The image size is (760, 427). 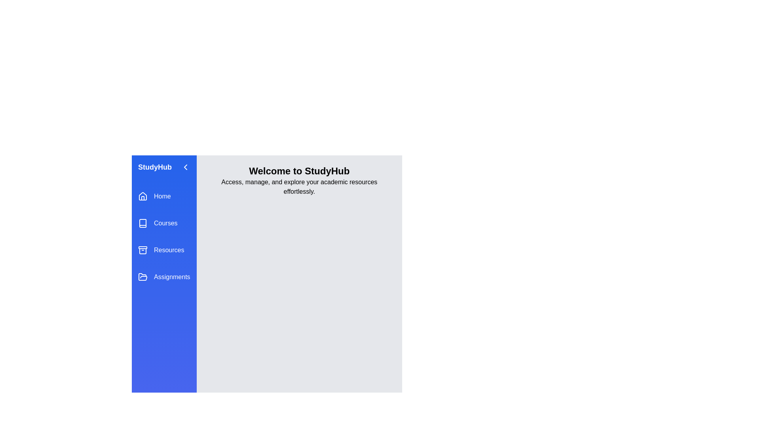 What do you see at coordinates (163, 196) in the screenshot?
I see `the menu item Home from the drawer` at bounding box center [163, 196].